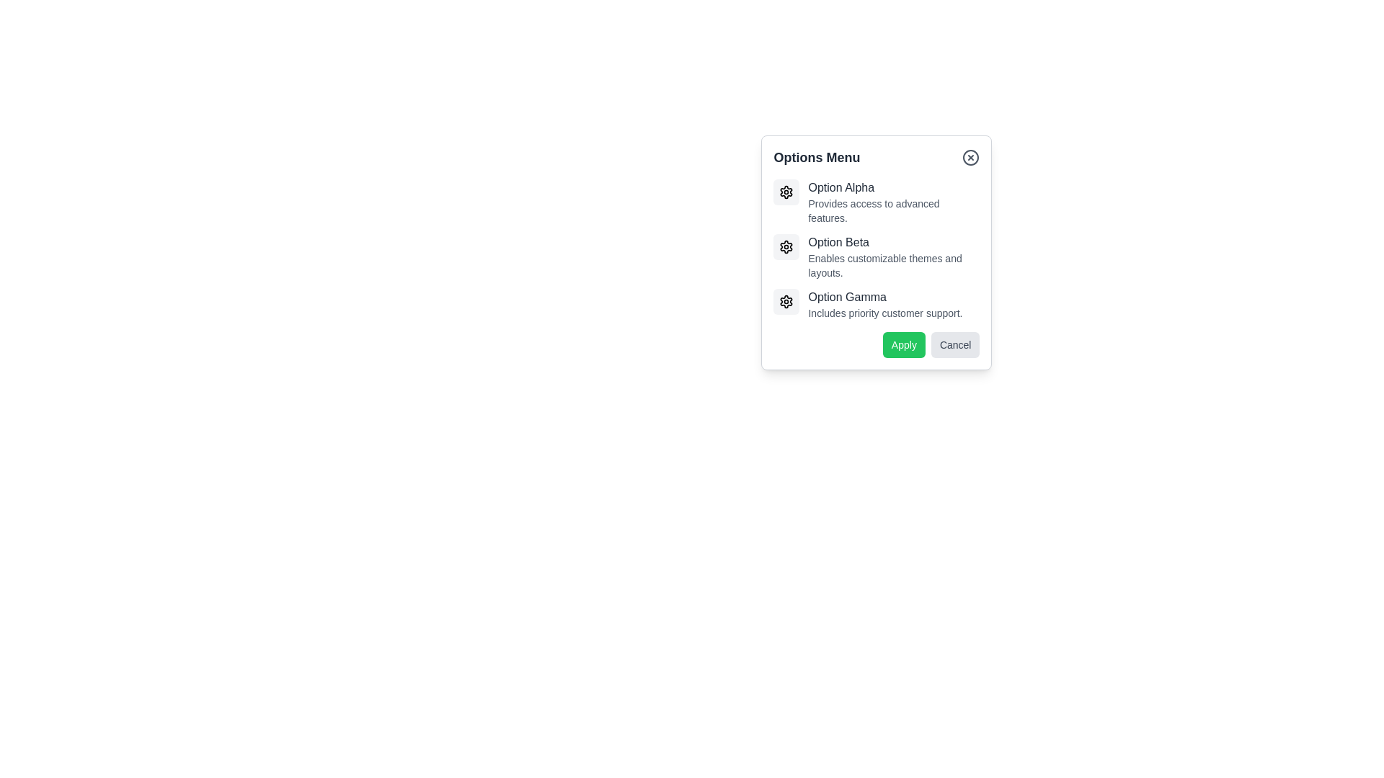  I want to click on the selectable menu item labeled 'Option Beta', so click(893, 256).